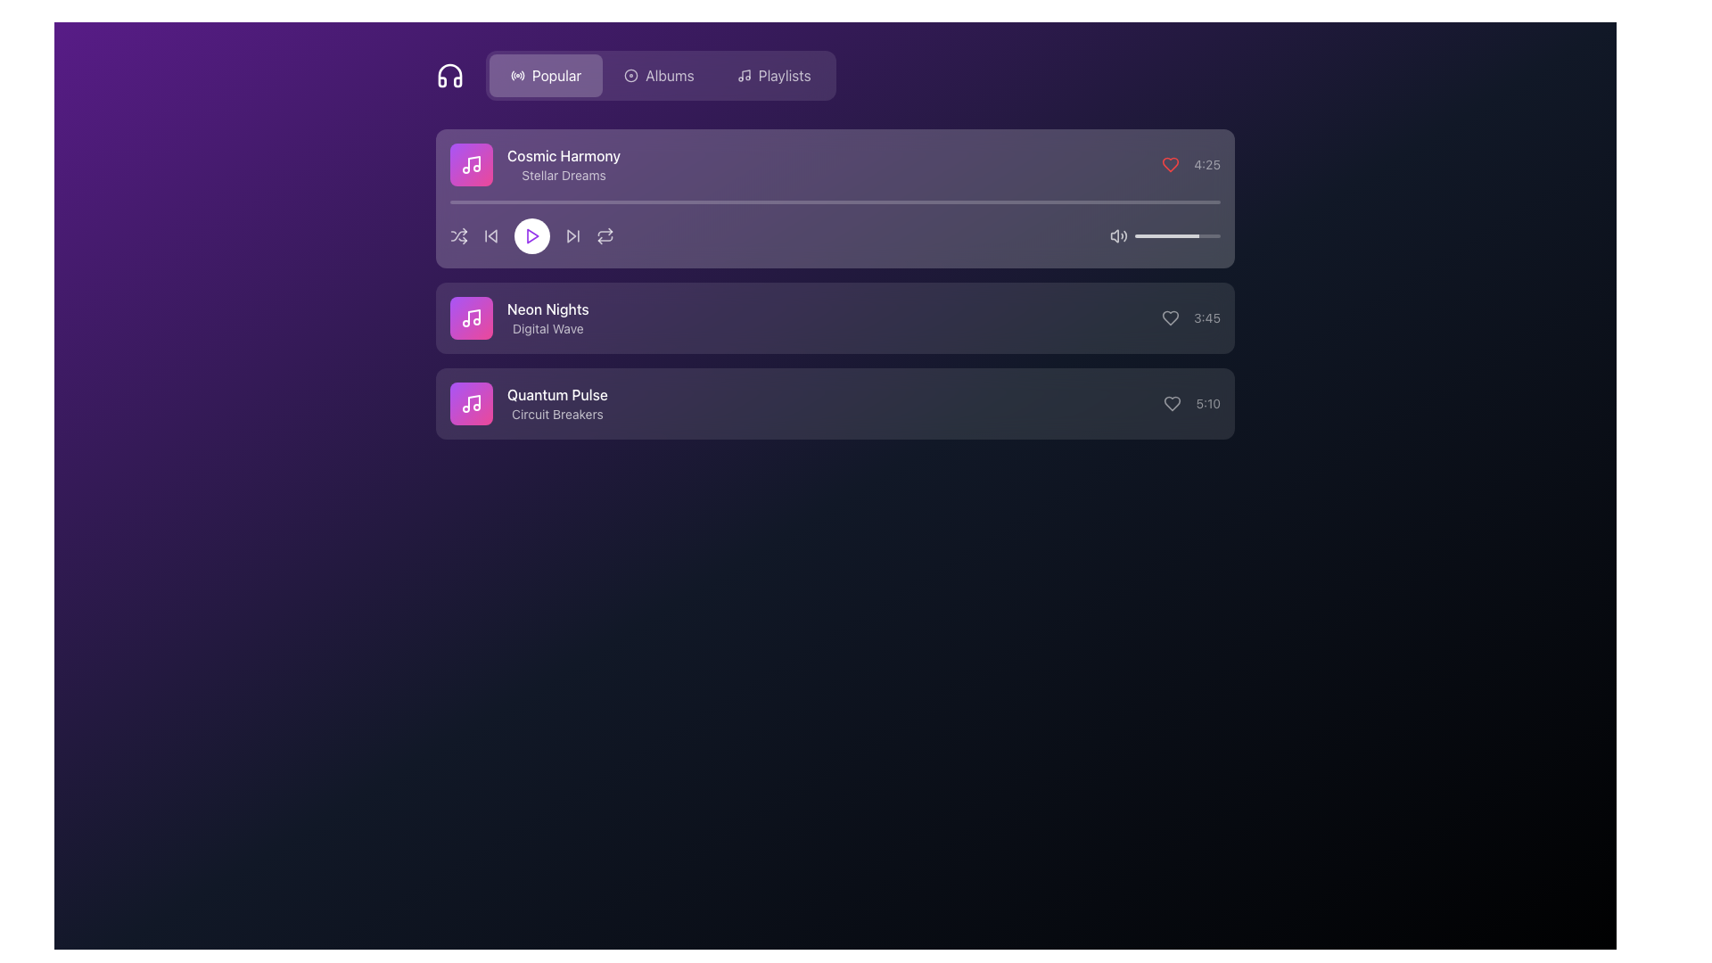 The width and height of the screenshot is (1712, 963). Describe the element at coordinates (471, 165) in the screenshot. I see `the graphical icon representing the music item 'Cosmic Harmony - Stellar Dreams', which is centered within a circular gradient background and is part of the first list item` at that location.